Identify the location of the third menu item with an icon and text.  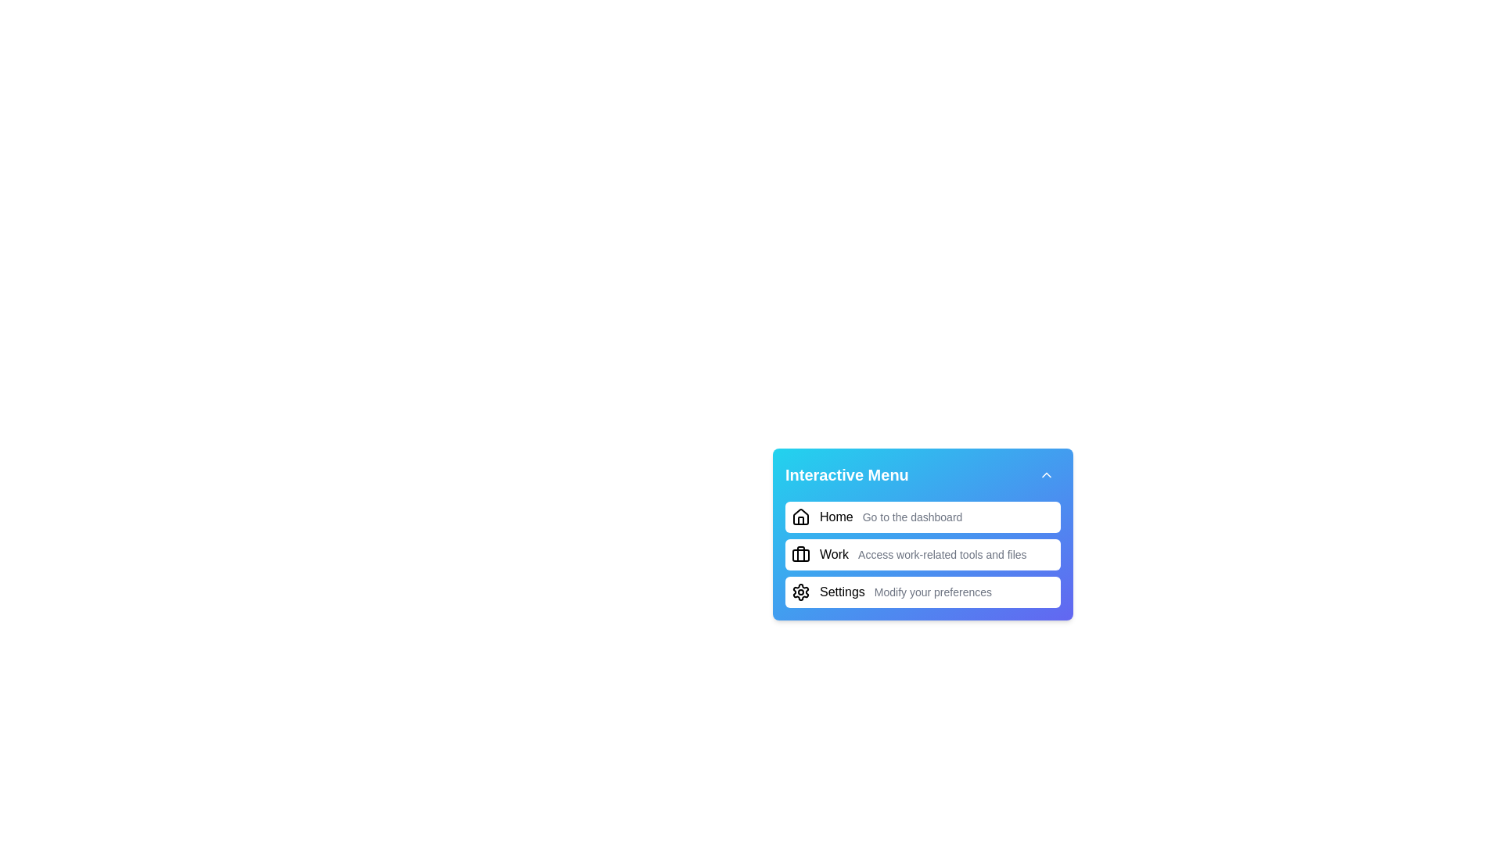
(923, 592).